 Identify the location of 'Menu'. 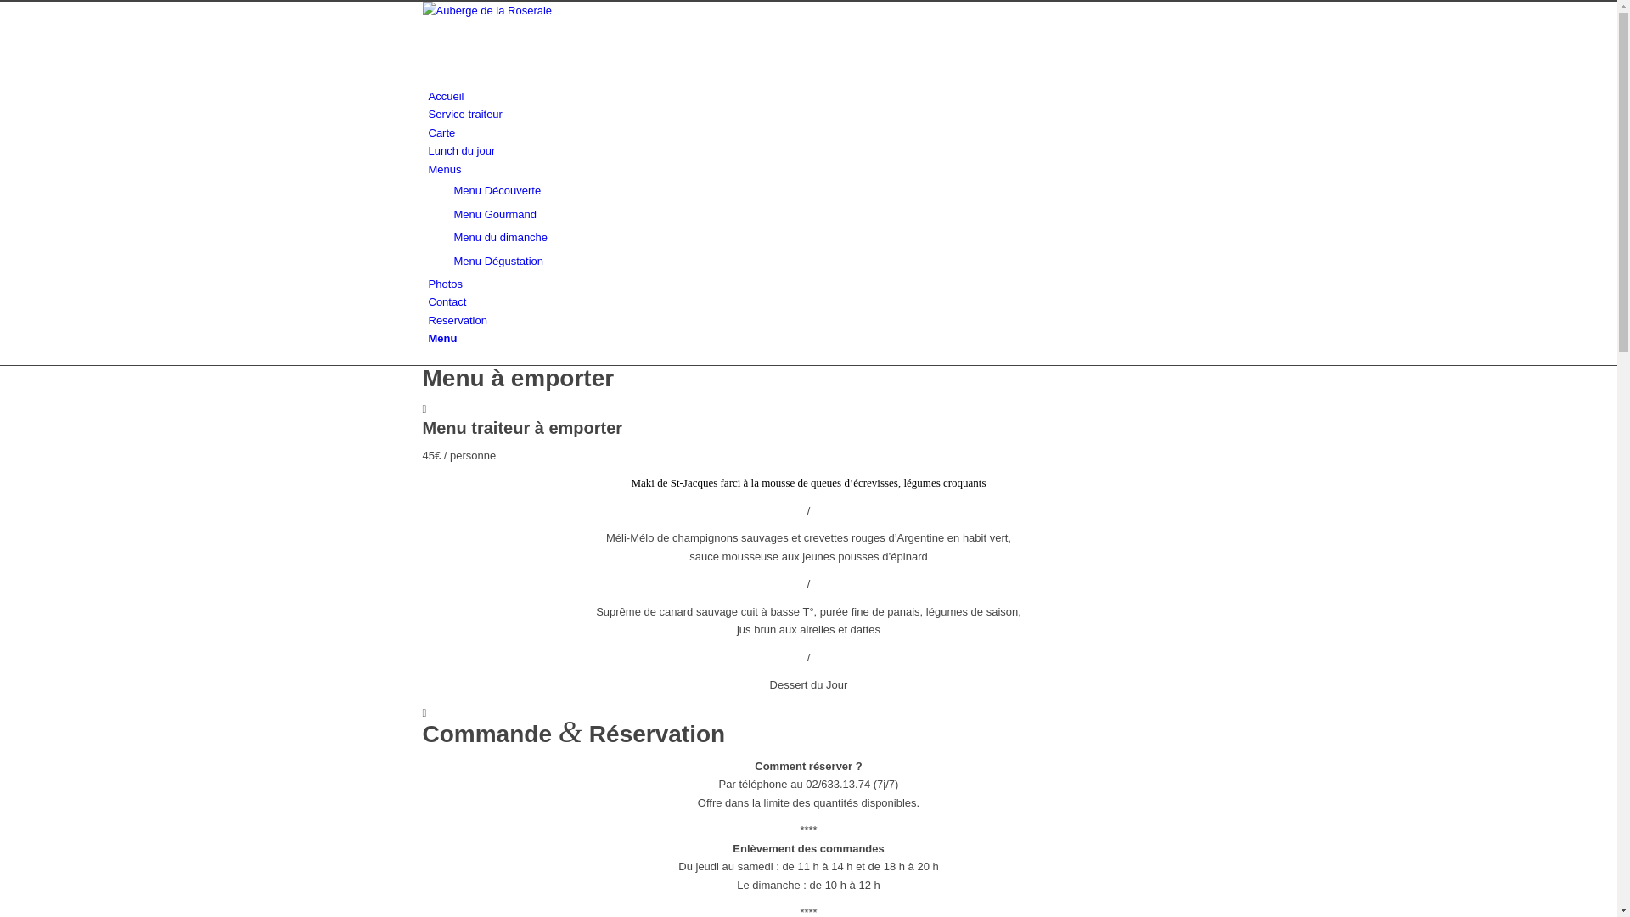
(442, 338).